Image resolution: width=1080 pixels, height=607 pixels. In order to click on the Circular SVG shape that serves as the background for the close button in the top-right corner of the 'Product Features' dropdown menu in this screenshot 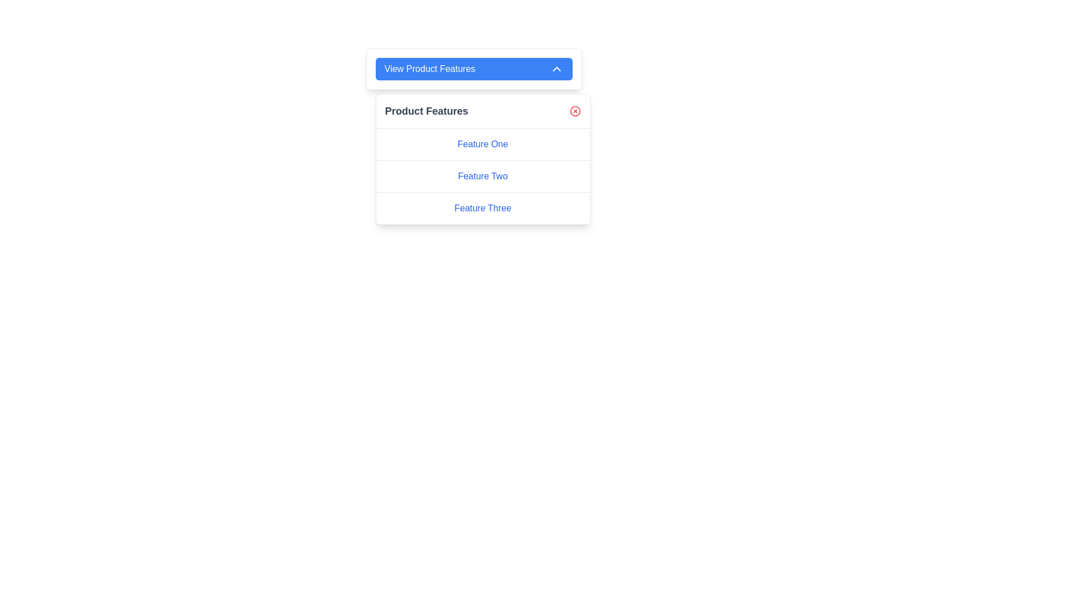, I will do `click(575, 111)`.